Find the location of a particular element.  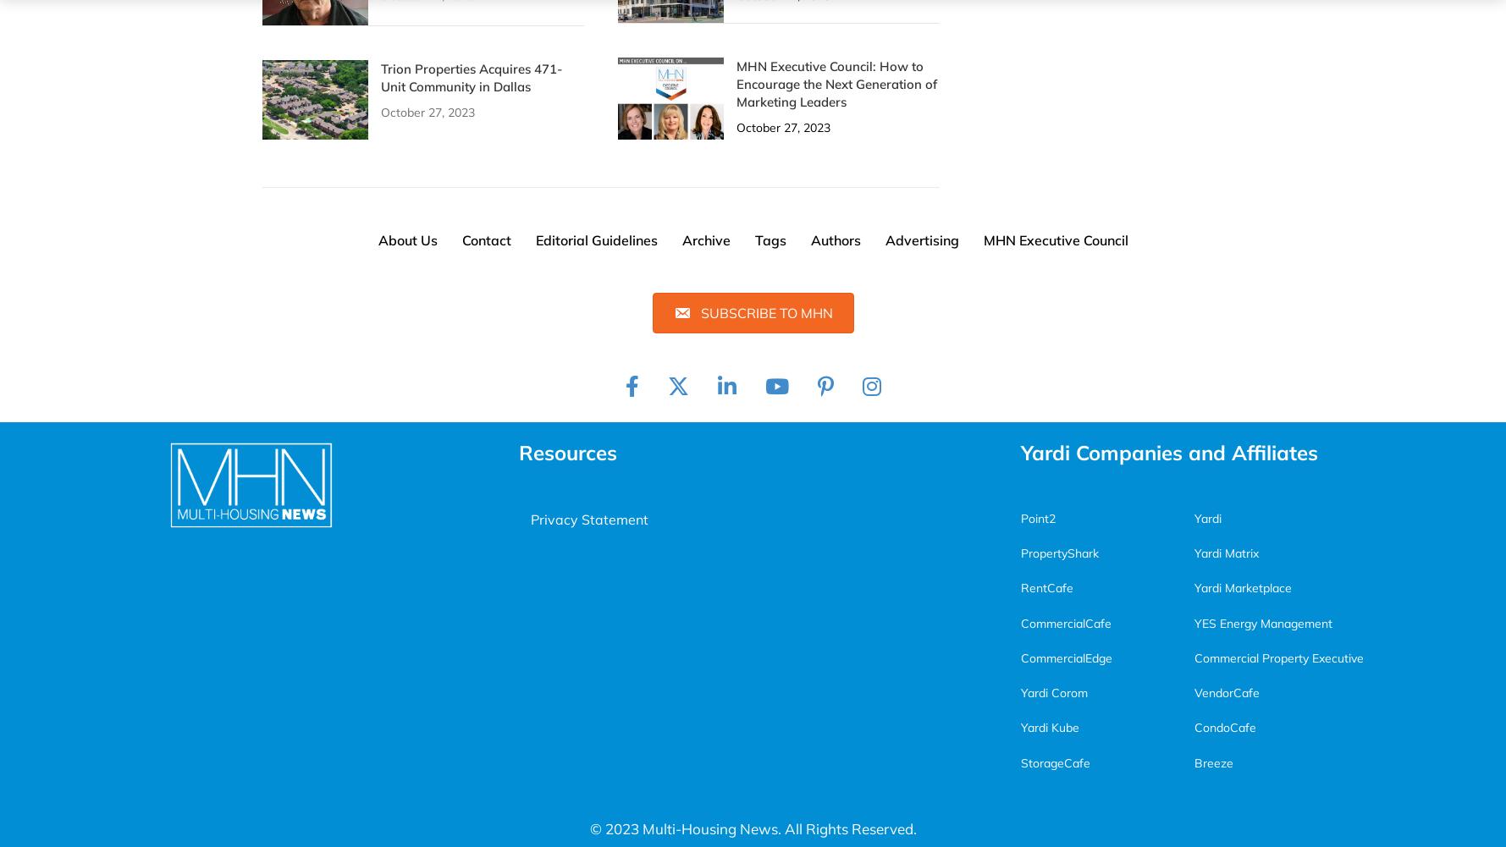

'Advertising' is located at coordinates (920, 239).